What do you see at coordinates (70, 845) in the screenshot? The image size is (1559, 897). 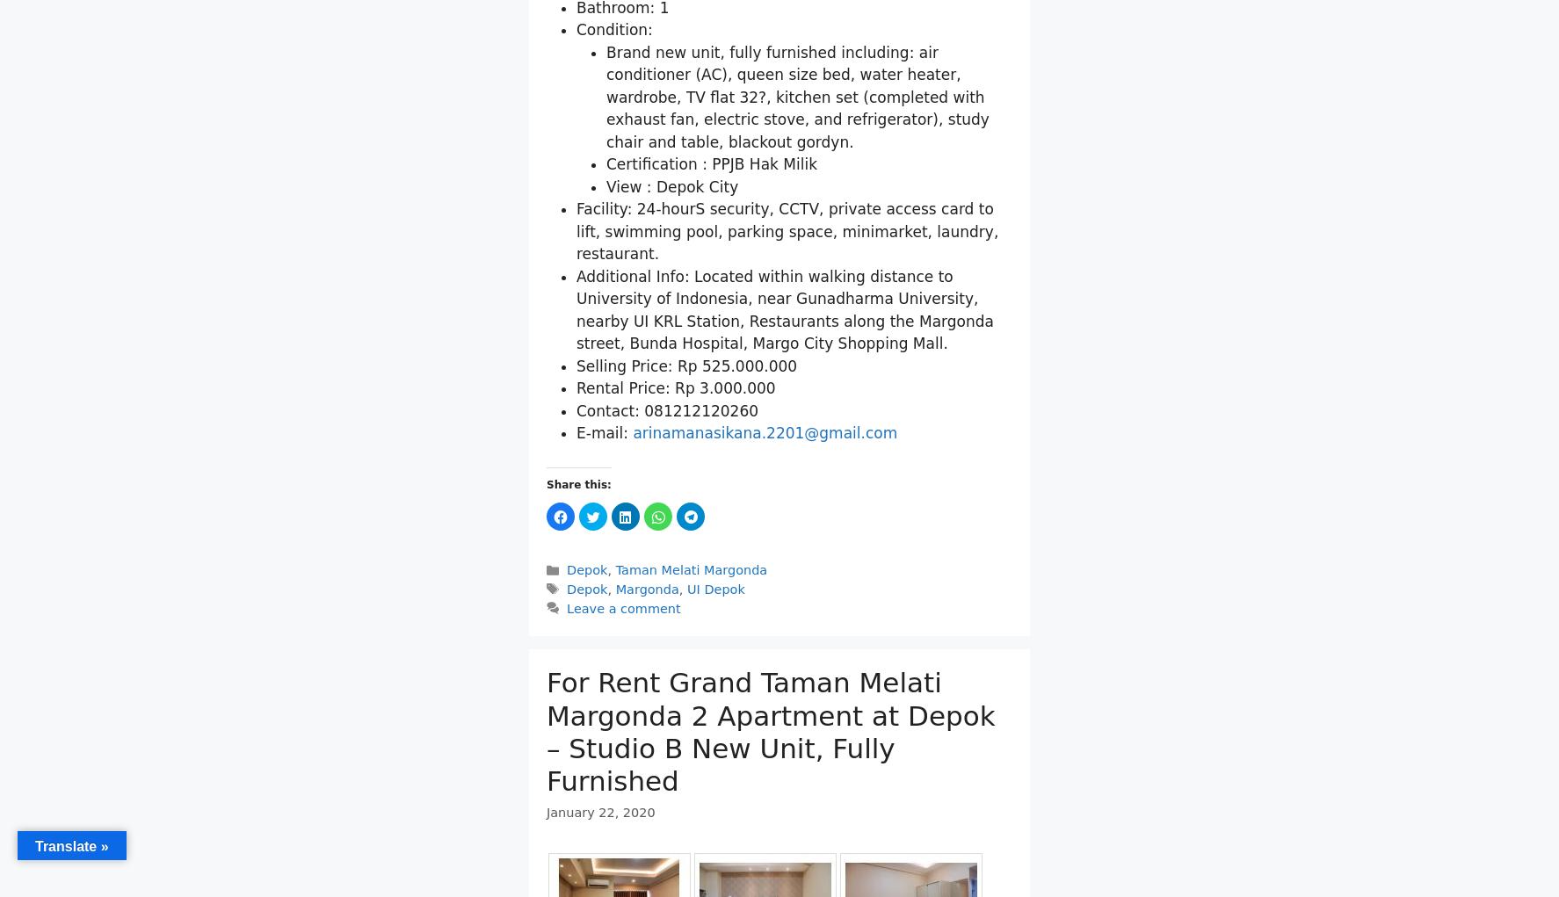 I see `'Translate »'` at bounding box center [70, 845].